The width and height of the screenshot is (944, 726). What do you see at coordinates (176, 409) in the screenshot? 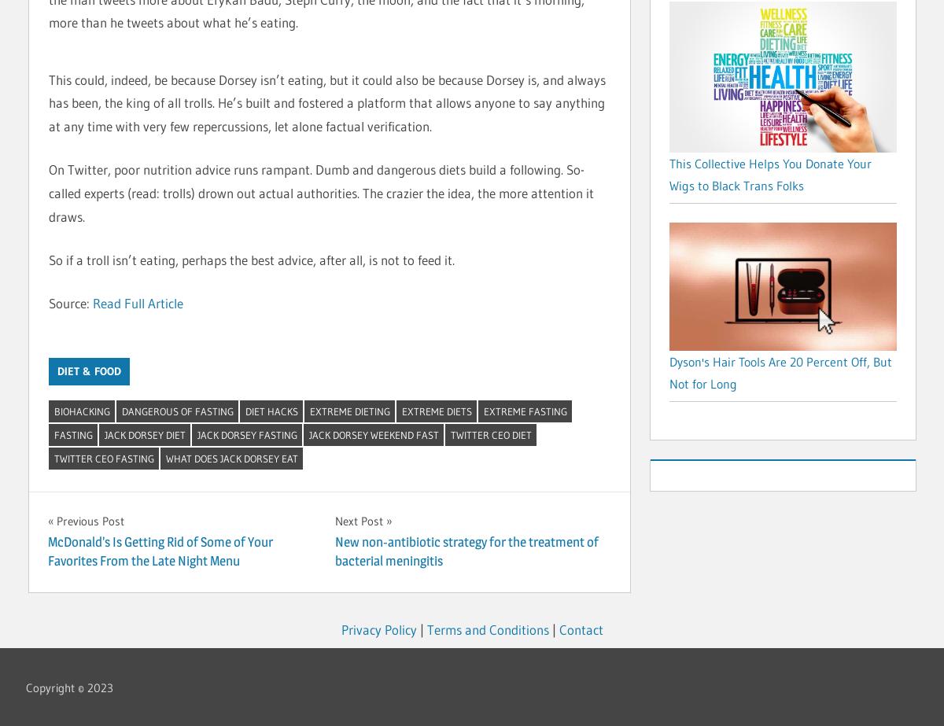
I see `'dangerous of fasting'` at bounding box center [176, 409].